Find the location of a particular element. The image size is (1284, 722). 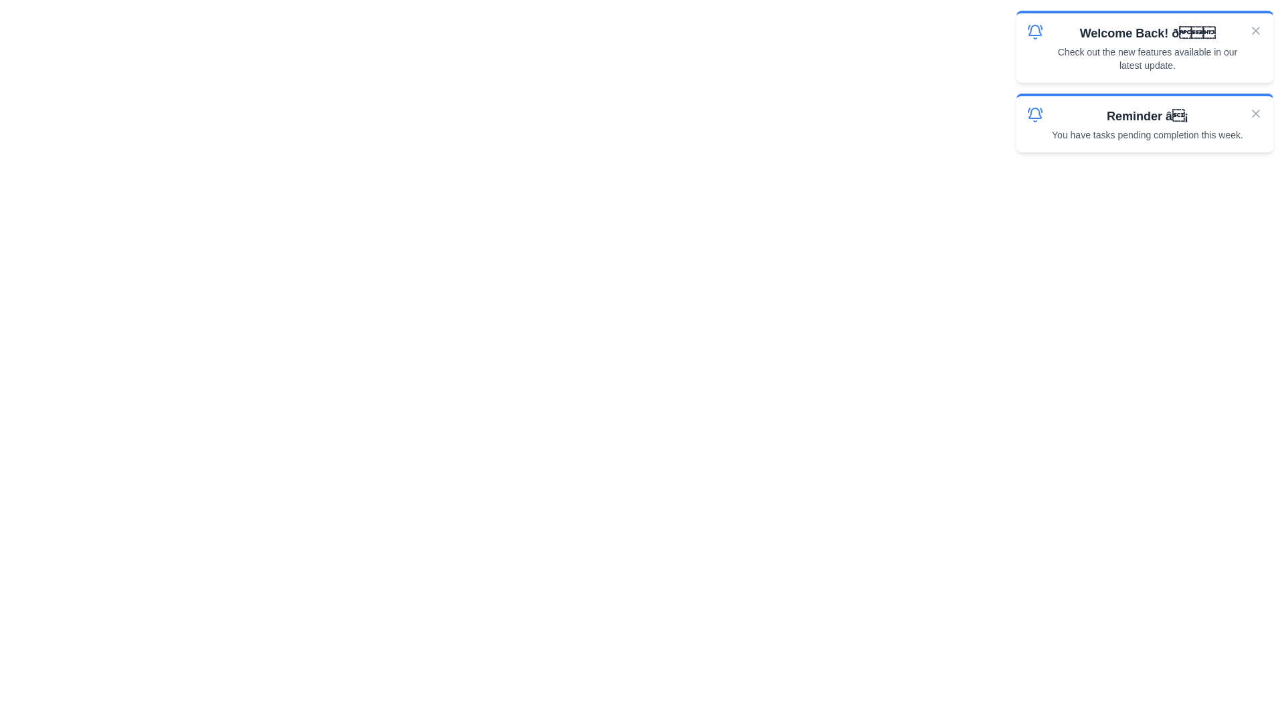

the icon associated with the notification titled 'Welcome Back!' is located at coordinates (1035, 31).